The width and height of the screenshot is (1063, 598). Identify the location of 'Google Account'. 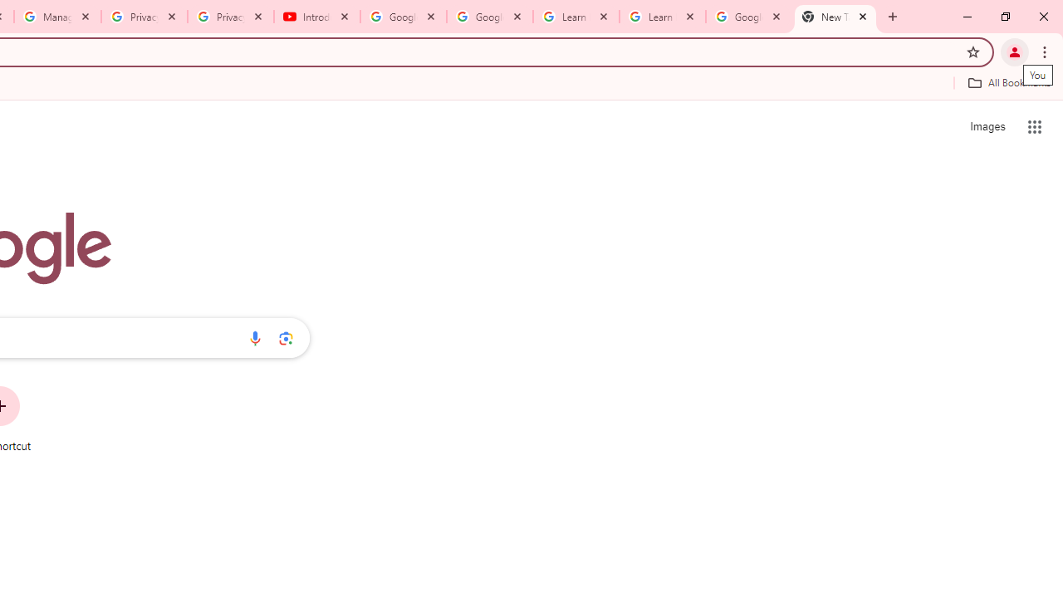
(747, 17).